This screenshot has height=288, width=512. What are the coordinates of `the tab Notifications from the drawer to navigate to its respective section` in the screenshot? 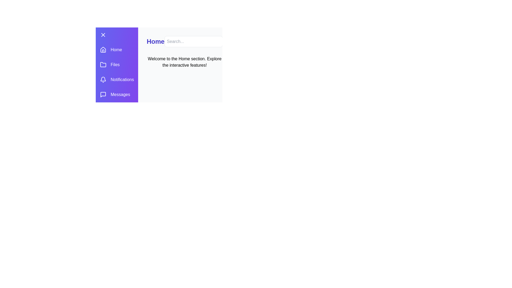 It's located at (116, 80).